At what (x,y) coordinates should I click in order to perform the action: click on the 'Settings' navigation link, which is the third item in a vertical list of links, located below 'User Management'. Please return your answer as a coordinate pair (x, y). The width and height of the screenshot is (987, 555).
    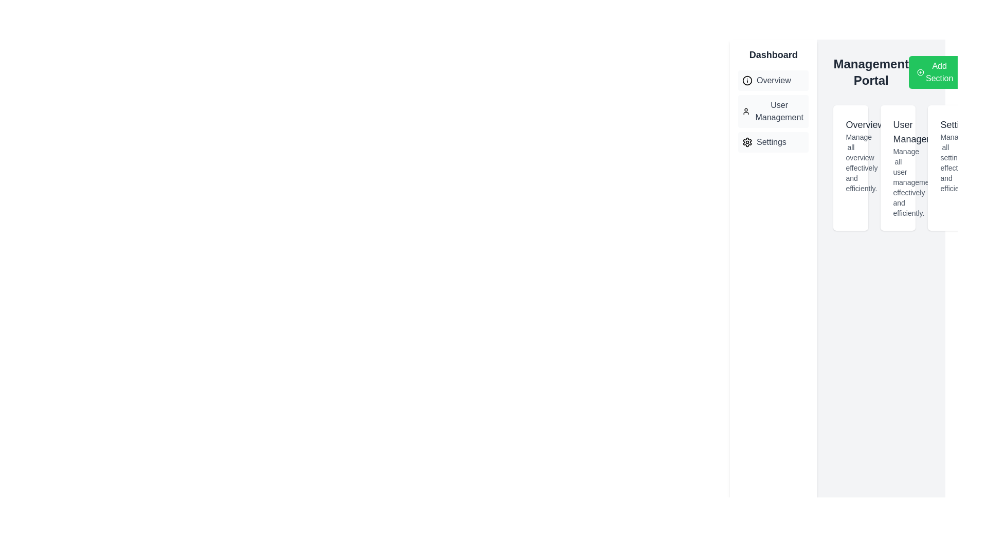
    Looking at the image, I should click on (773, 142).